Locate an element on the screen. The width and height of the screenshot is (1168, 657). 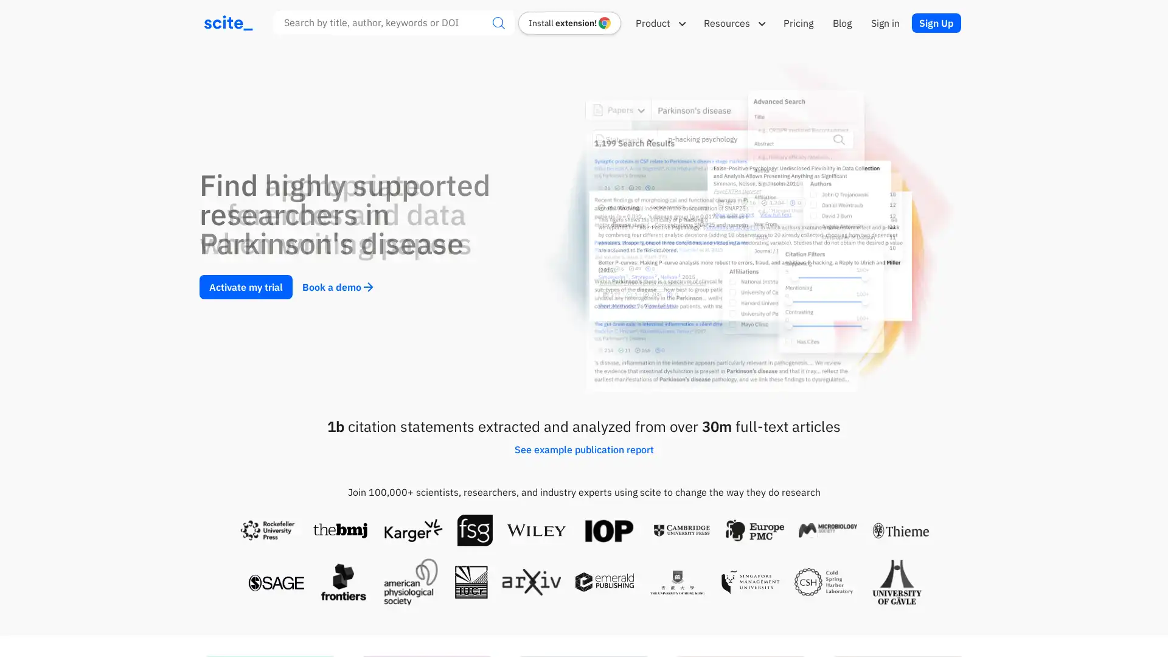
search-button is located at coordinates (499, 23).